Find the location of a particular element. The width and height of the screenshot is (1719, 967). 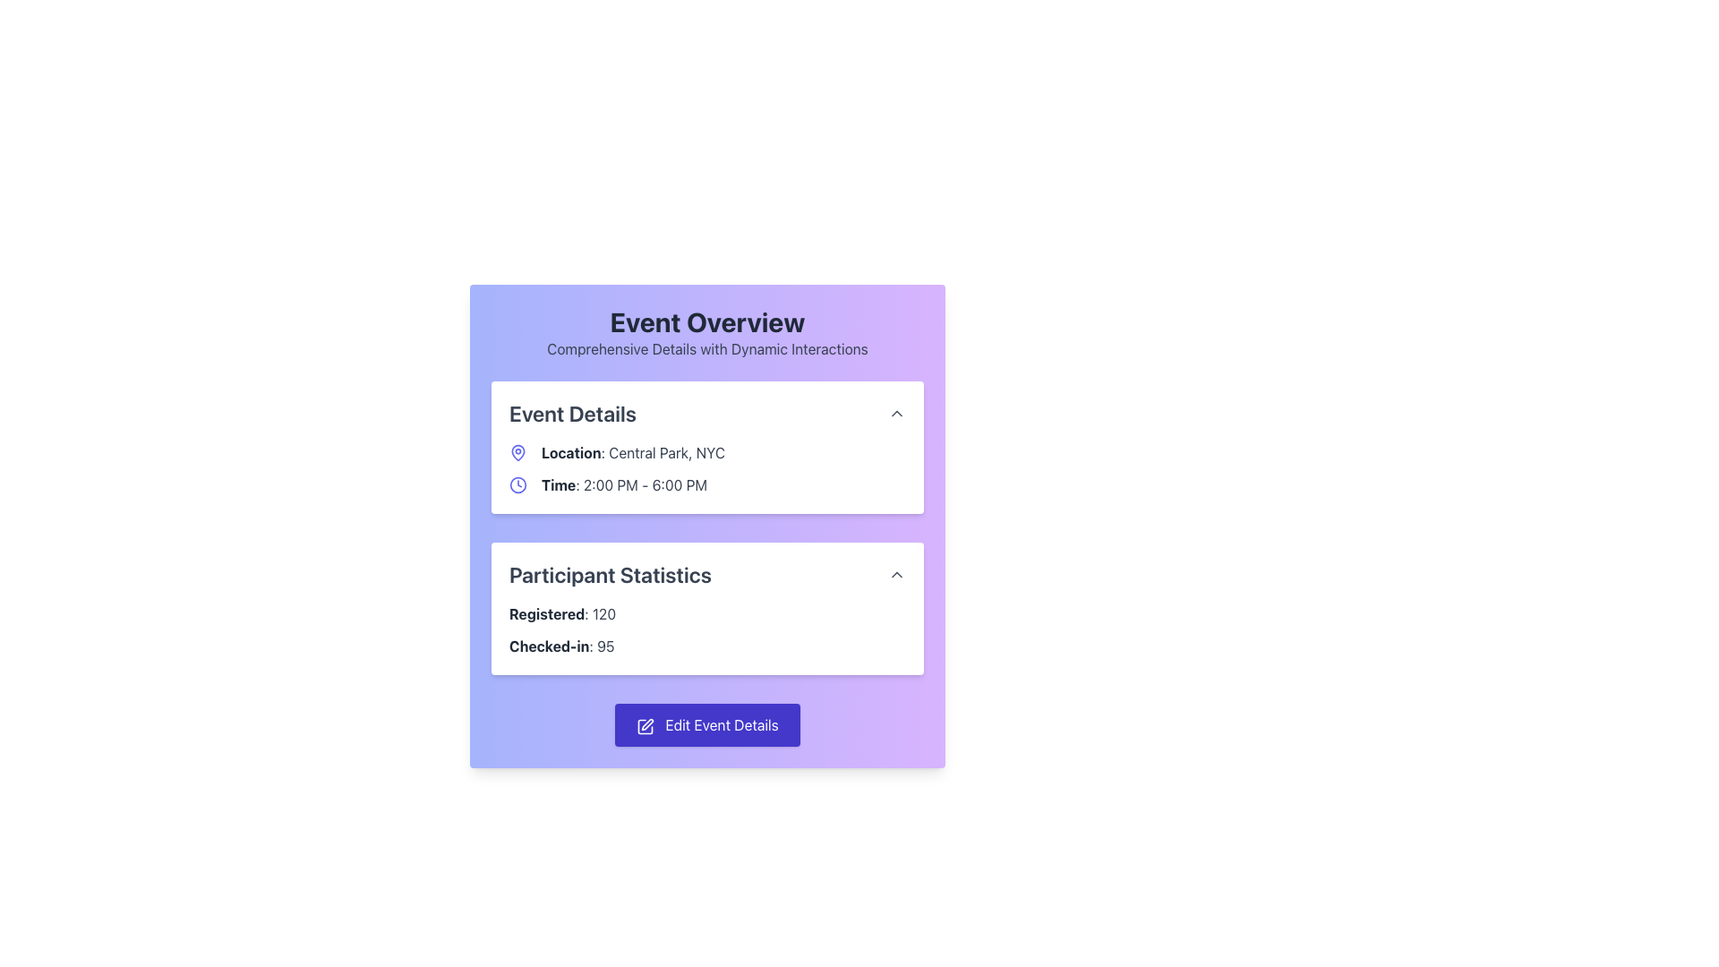

the text label indicating 'Checked-in' count located in the 'Participant Statistics' section, which precedes the number '95' is located at coordinates (548, 646).